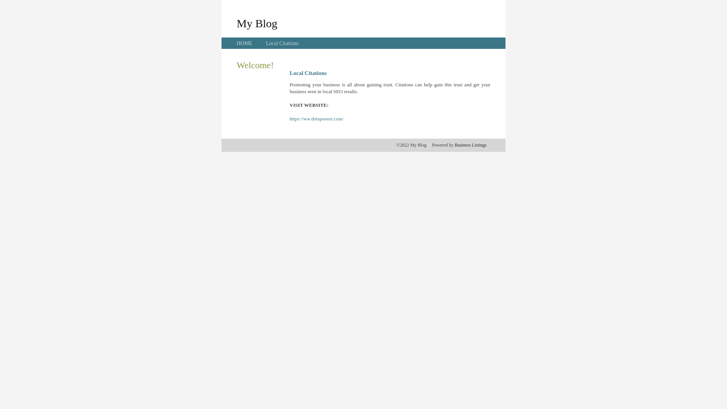  I want to click on 'Business Listings', so click(470, 145).